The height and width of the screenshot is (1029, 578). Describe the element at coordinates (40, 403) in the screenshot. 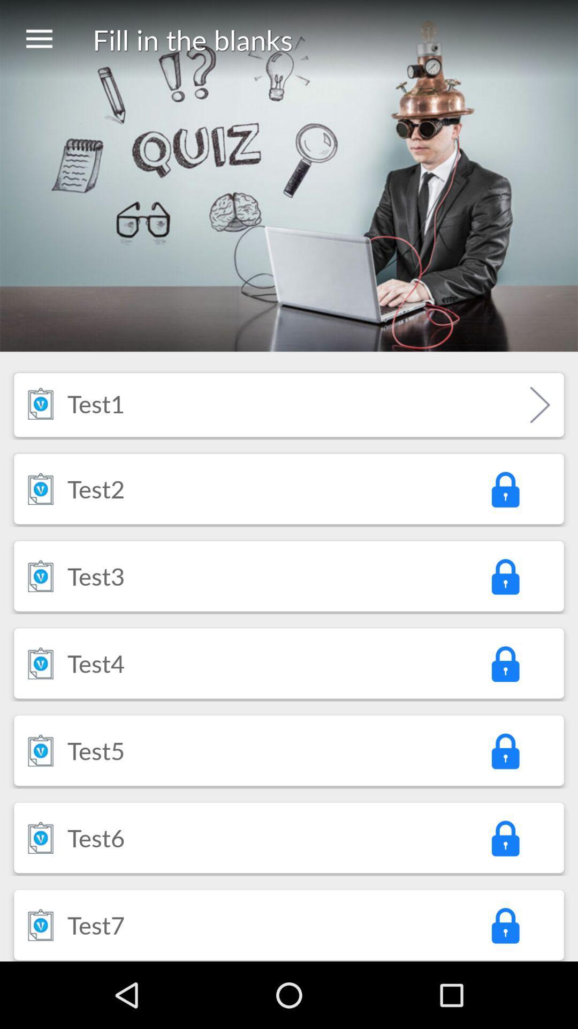

I see `item to the left of test1` at that location.